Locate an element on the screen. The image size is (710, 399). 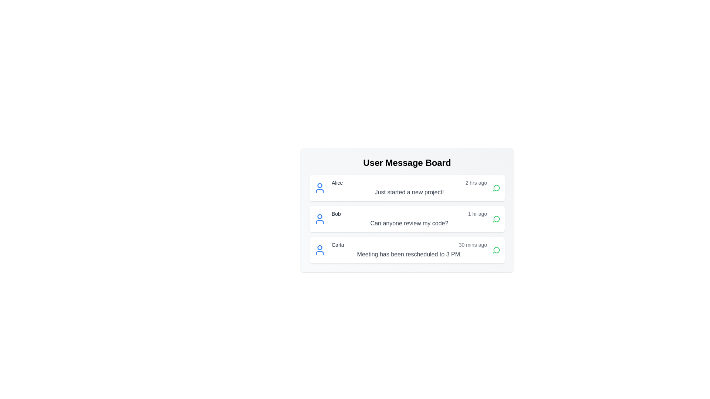
the action button for the message from Carla is located at coordinates (497, 250).